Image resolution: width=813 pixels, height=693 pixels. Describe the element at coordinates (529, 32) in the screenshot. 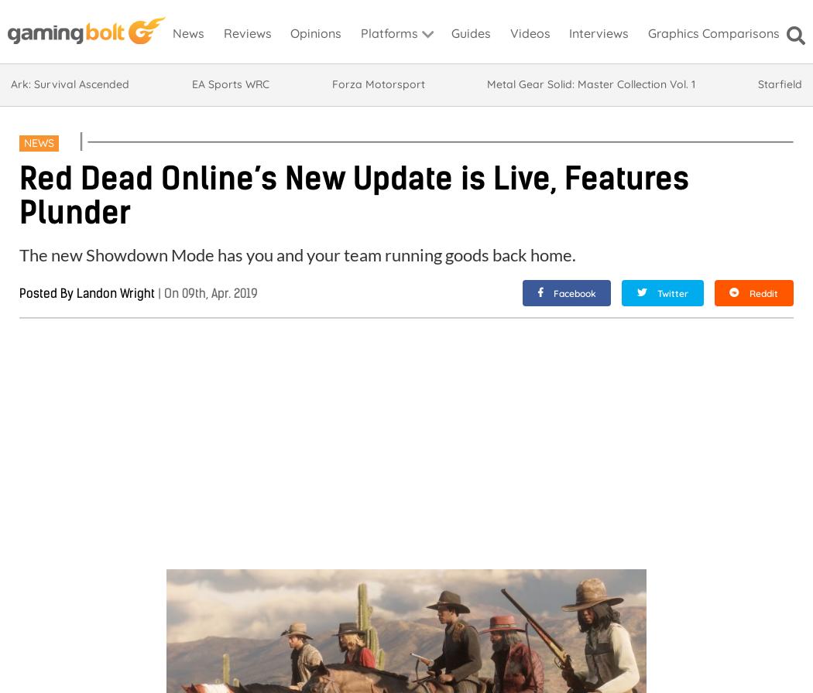

I see `'Videos'` at that location.